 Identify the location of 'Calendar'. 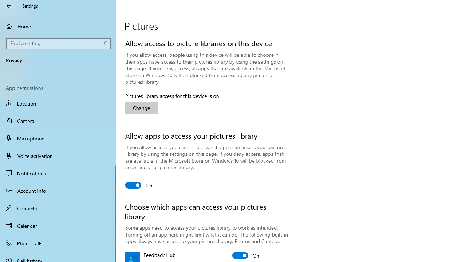
(58, 225).